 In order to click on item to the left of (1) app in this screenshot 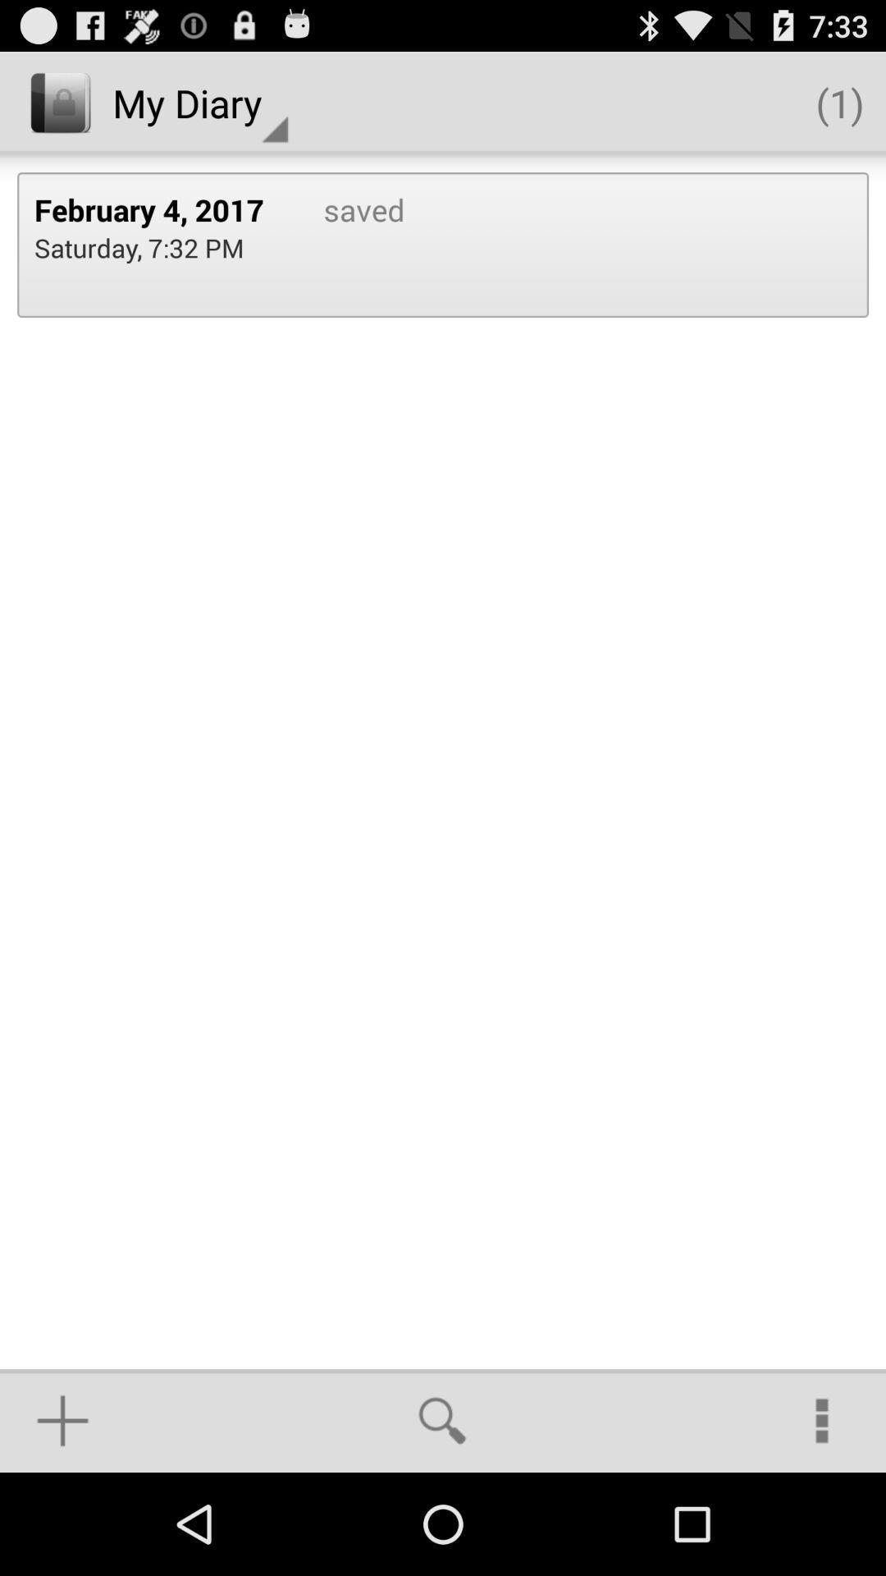, I will do `click(199, 102)`.